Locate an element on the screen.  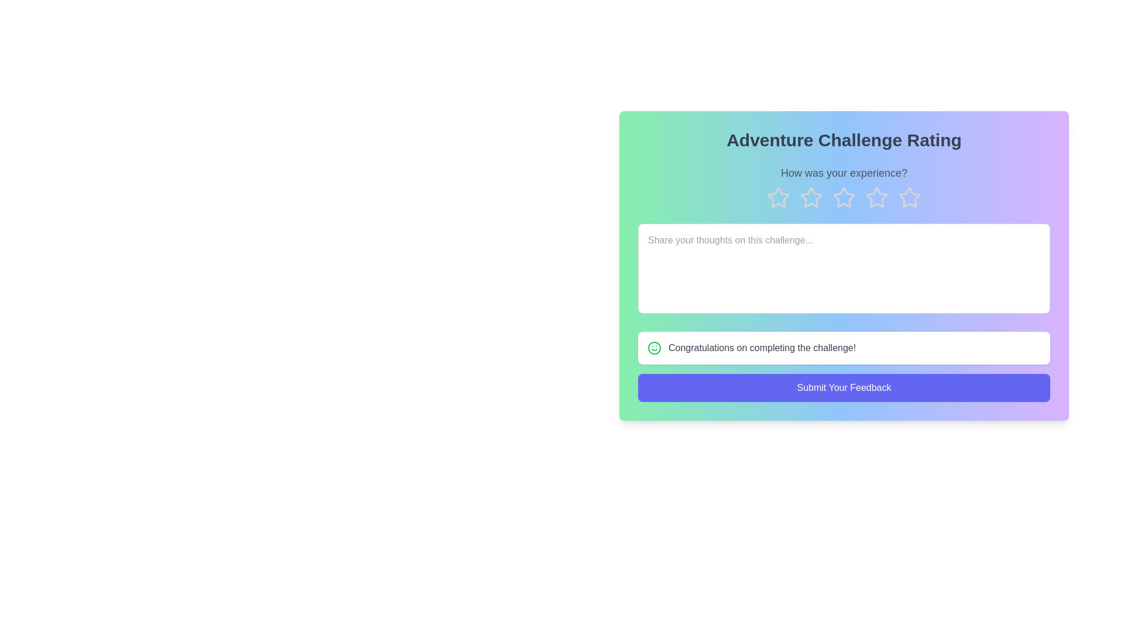
the fourth star-shaped icon in the row of five gray stars, located under the text 'How was your experience?', to trigger the enlarge effect is located at coordinates (876, 197).